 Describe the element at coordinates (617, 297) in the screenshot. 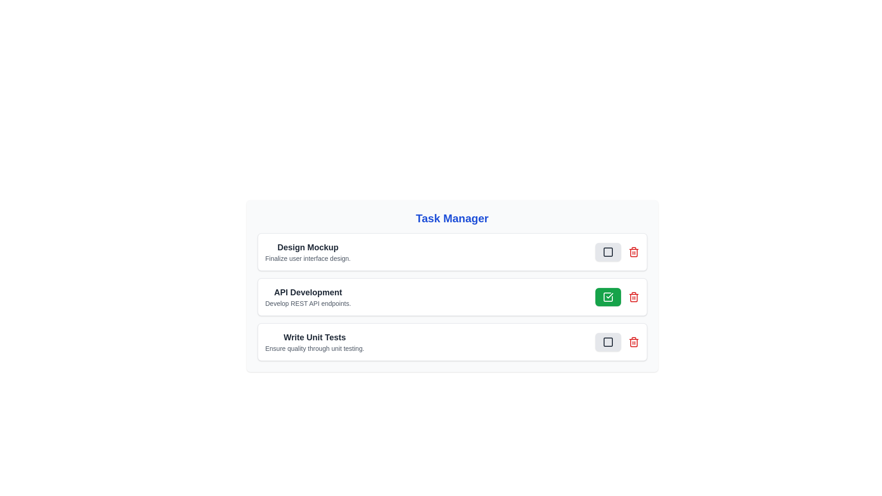

I see `the green rectangular button with rounded edges and a white check mark icon` at that location.